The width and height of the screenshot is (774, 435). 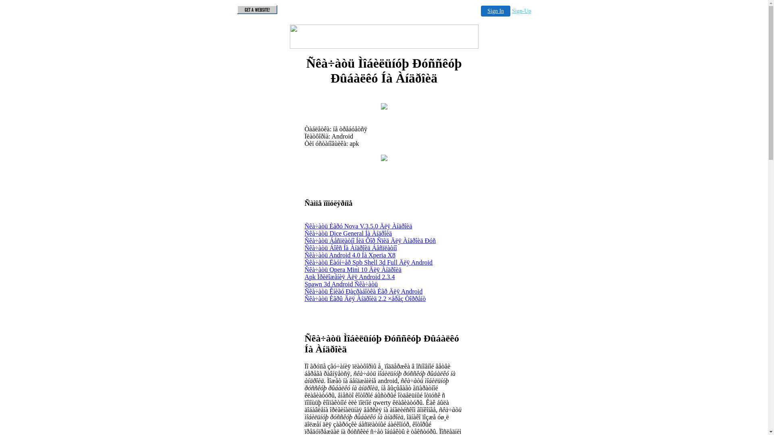 What do you see at coordinates (512, 11) in the screenshot?
I see `'Sign-Up'` at bounding box center [512, 11].